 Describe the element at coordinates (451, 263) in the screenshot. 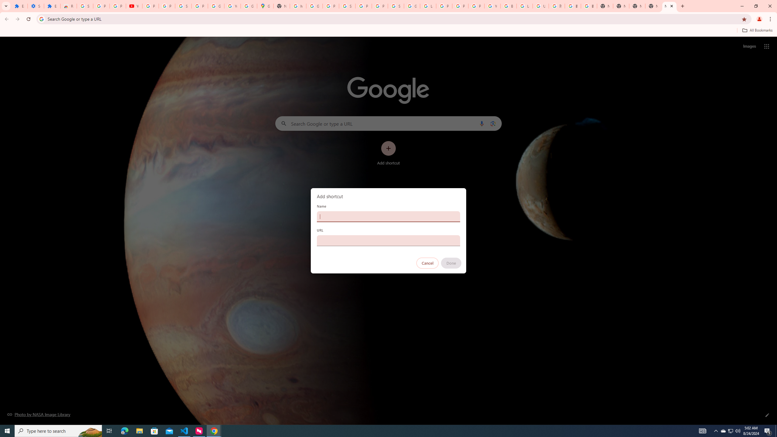

I see `'Done'` at that location.